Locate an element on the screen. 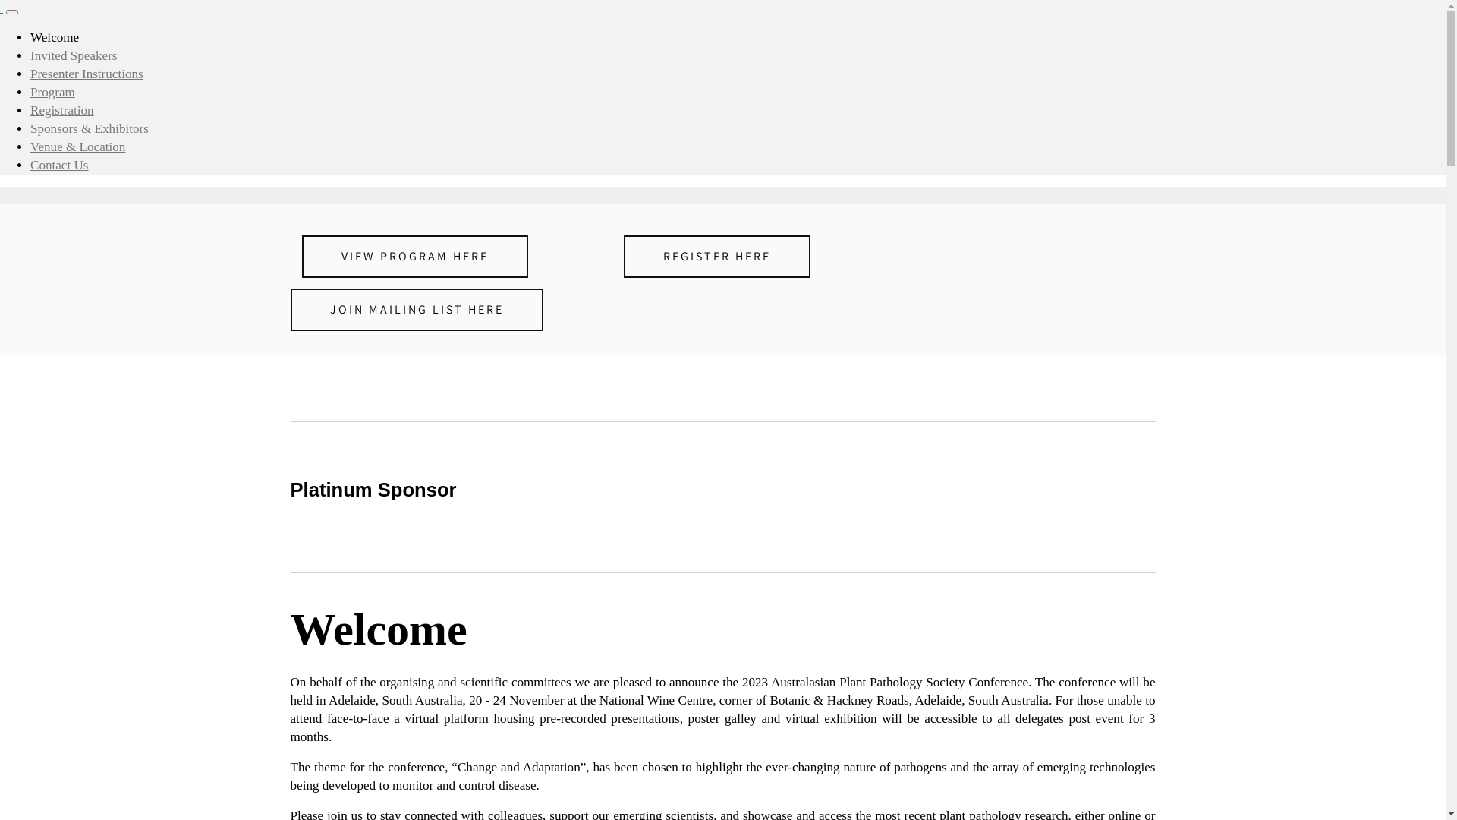 This screenshot has width=1457, height=820. 'VIEW PROGRAM HERE' is located at coordinates (415, 256).